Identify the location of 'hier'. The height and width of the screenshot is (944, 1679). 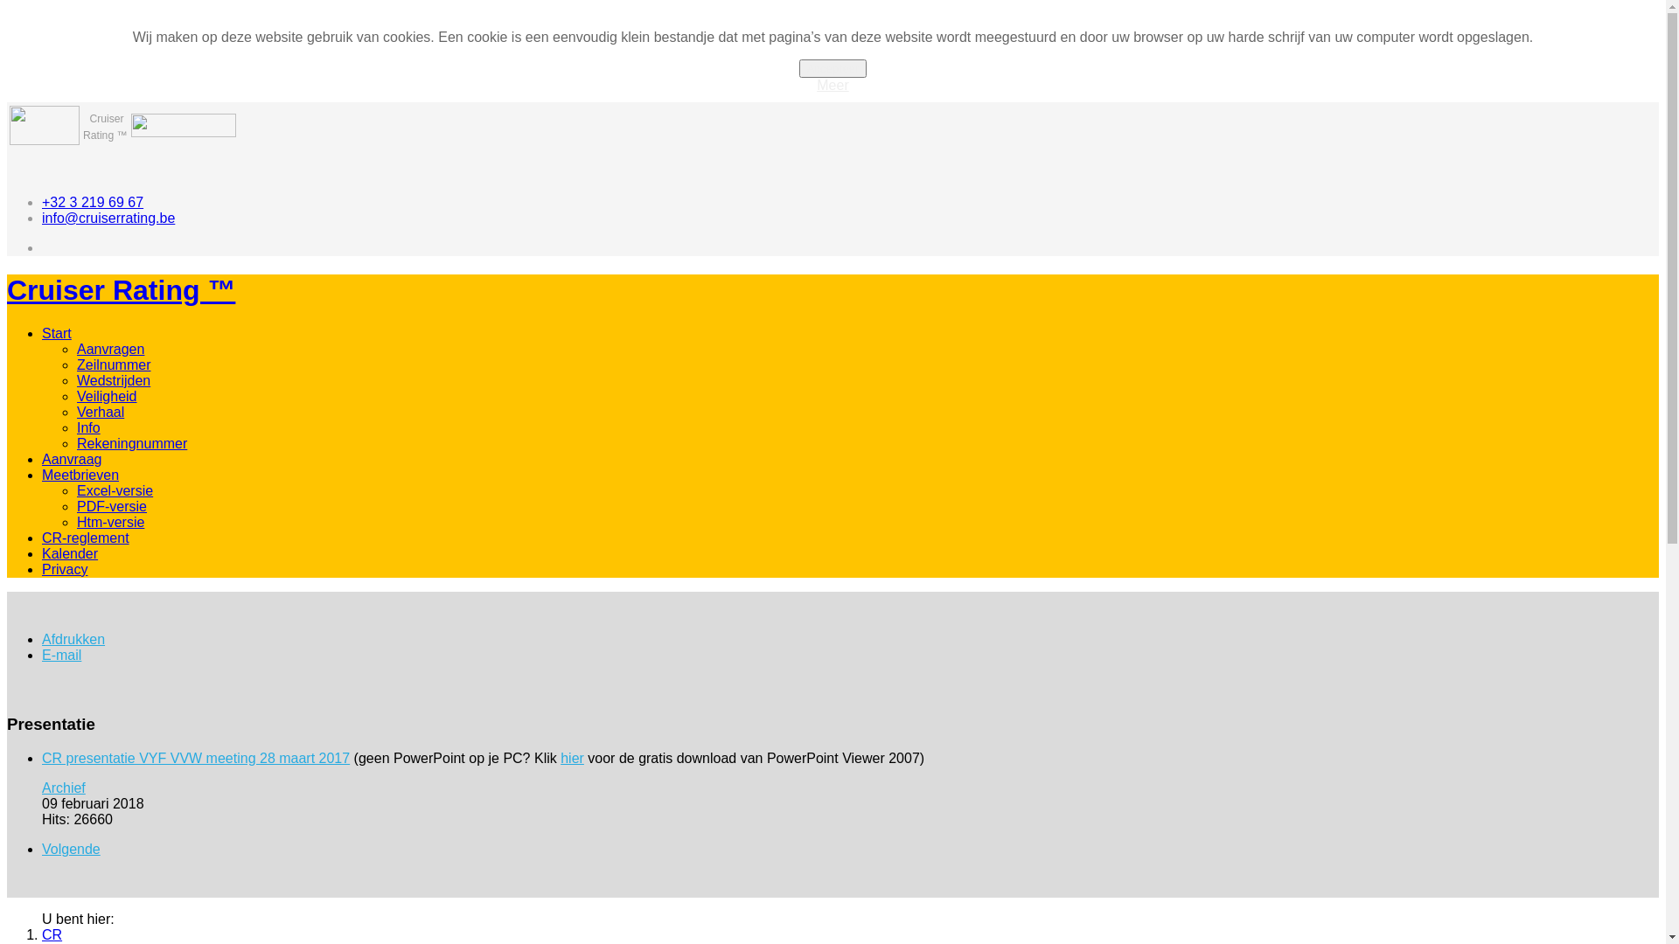
(572, 757).